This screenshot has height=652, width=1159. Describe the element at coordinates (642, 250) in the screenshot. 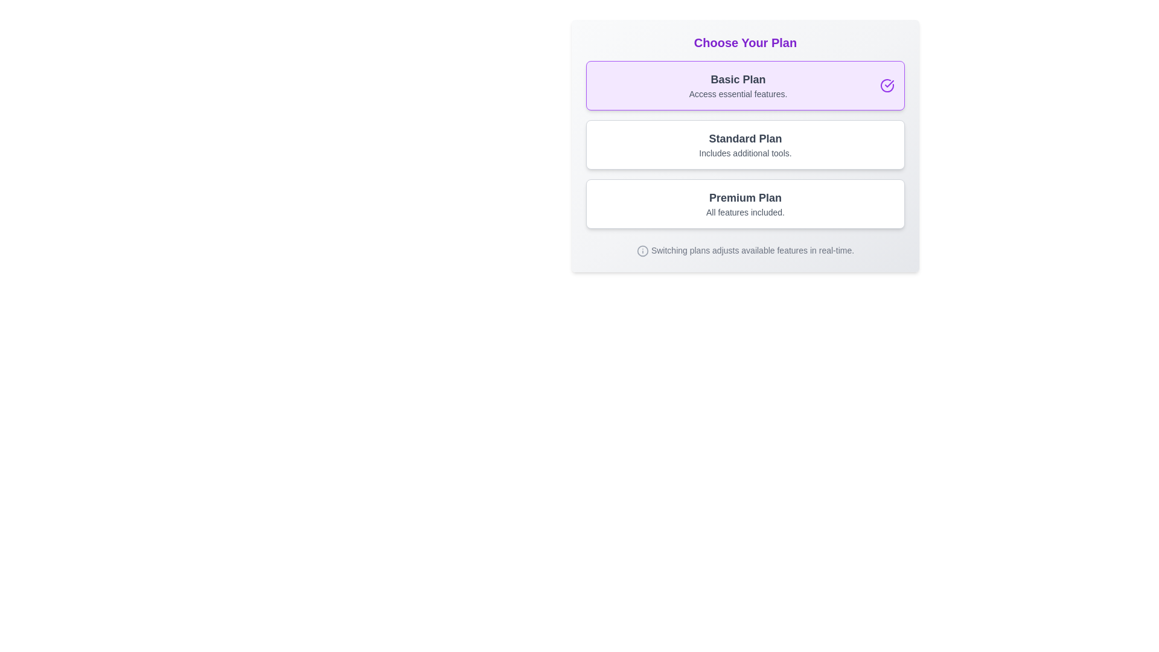

I see `the information icon located at the beginning of the text line in the 'Choose Your Plan' section` at that location.